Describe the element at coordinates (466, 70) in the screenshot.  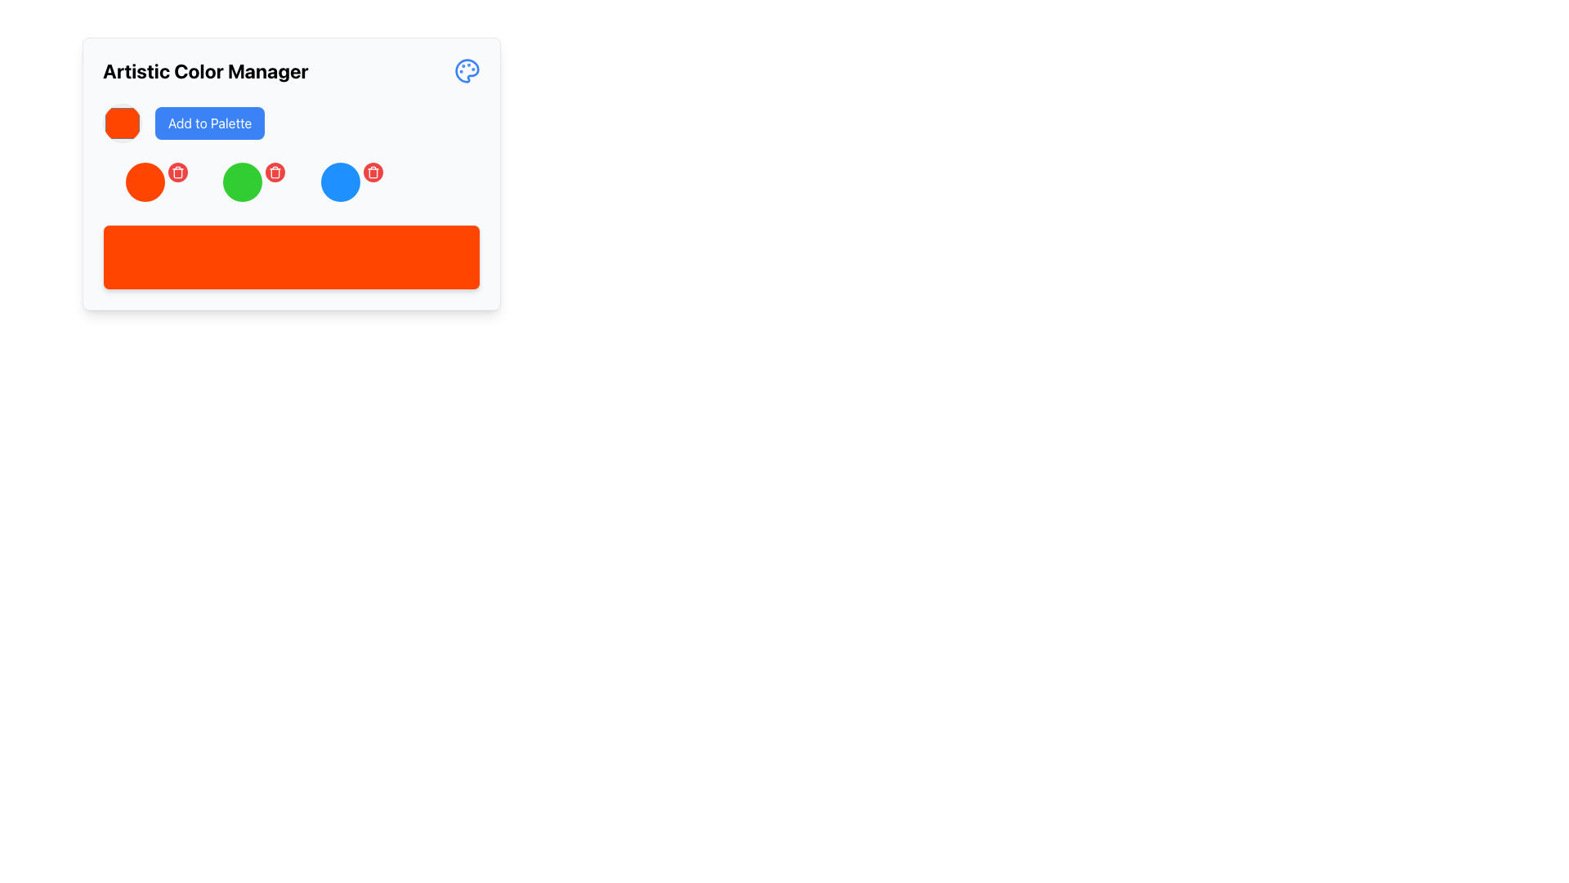
I see `the distinct SVG image icon located in the top-right corner of the 'Artistic Color Manager' section` at that location.